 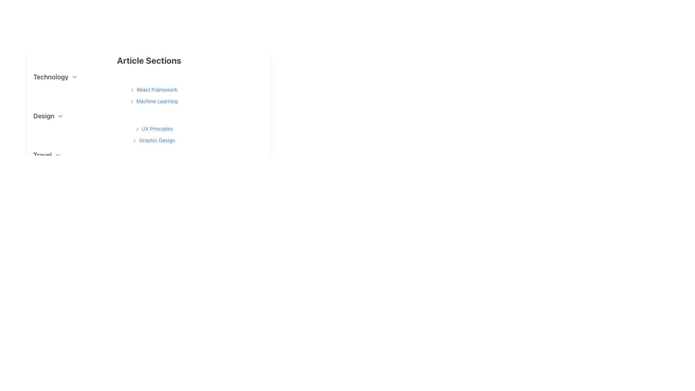 What do you see at coordinates (132, 90) in the screenshot?
I see `the navigation icon next to the 'React Framework' text in the top-left quadrant` at bounding box center [132, 90].